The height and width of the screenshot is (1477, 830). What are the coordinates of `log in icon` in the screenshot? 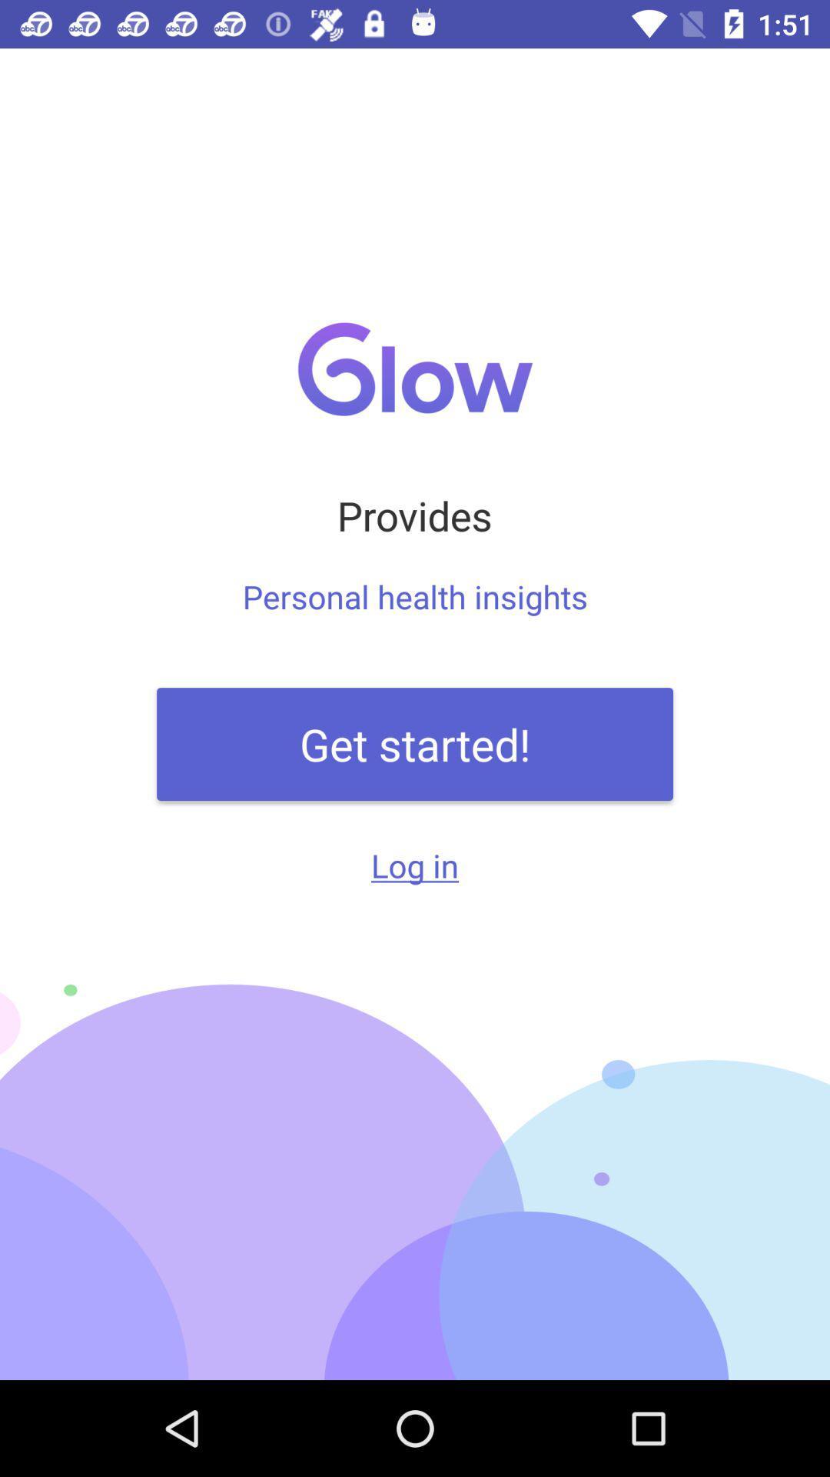 It's located at (415, 865).